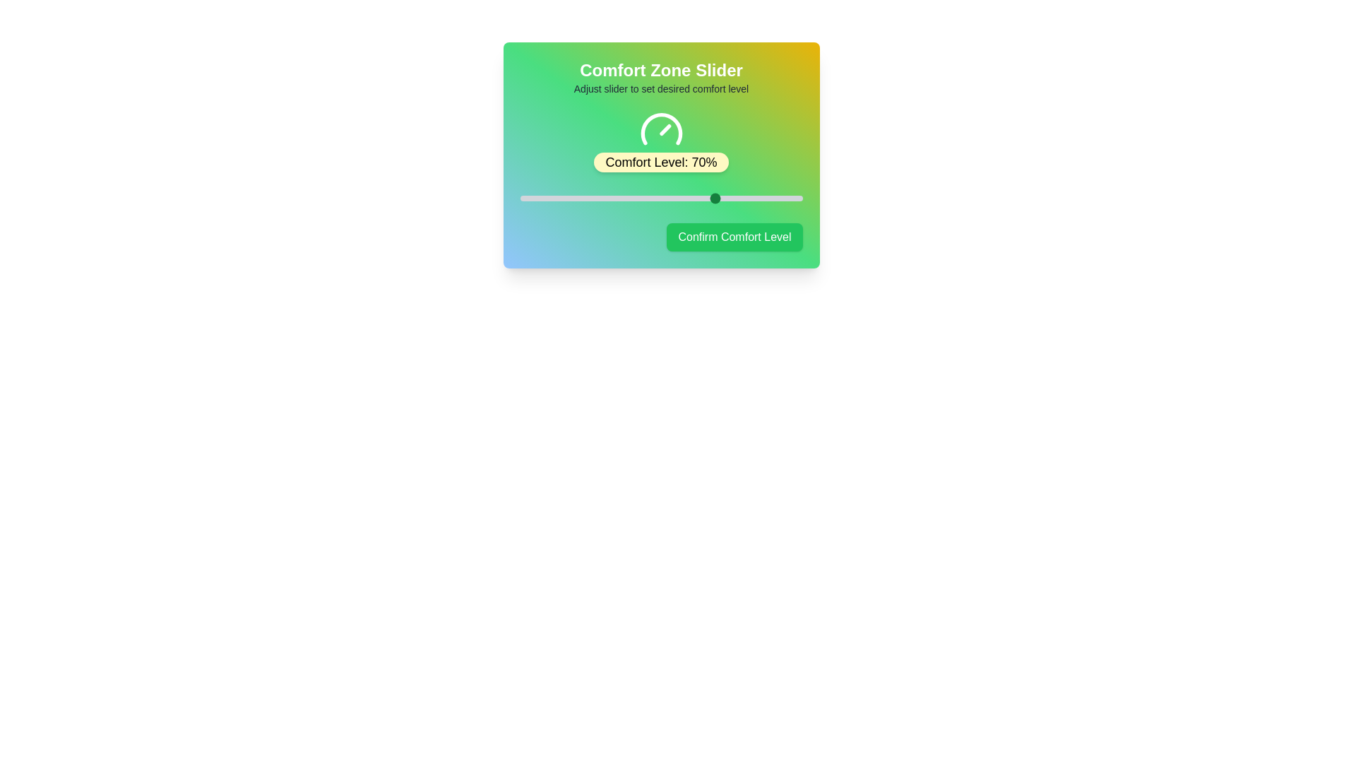 This screenshot has width=1356, height=763. What do you see at coordinates (706, 199) in the screenshot?
I see `the slider to set the comfort level to 66` at bounding box center [706, 199].